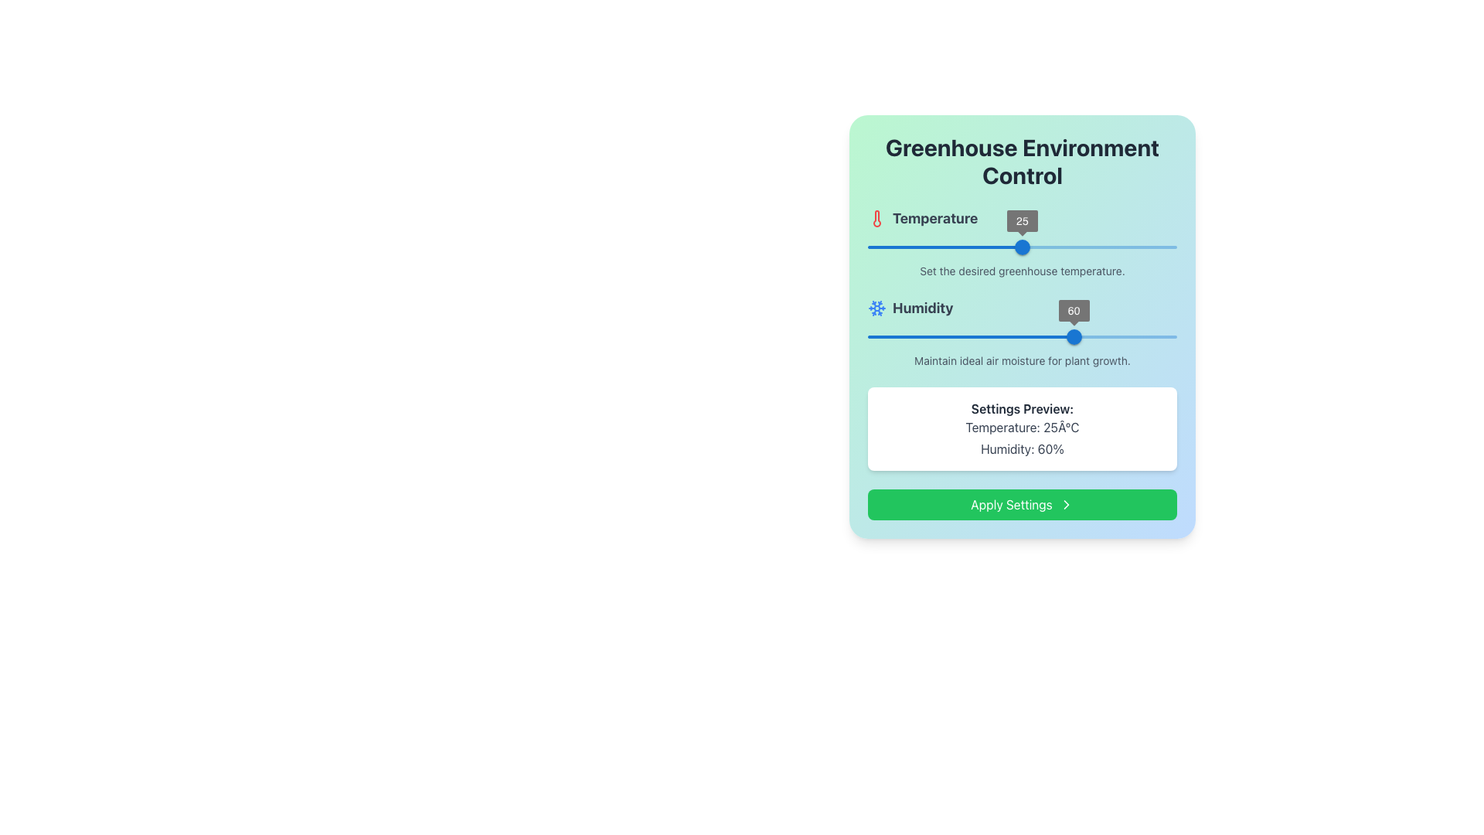  Describe the element at coordinates (1074, 336) in the screenshot. I see `the humidity level` at that location.